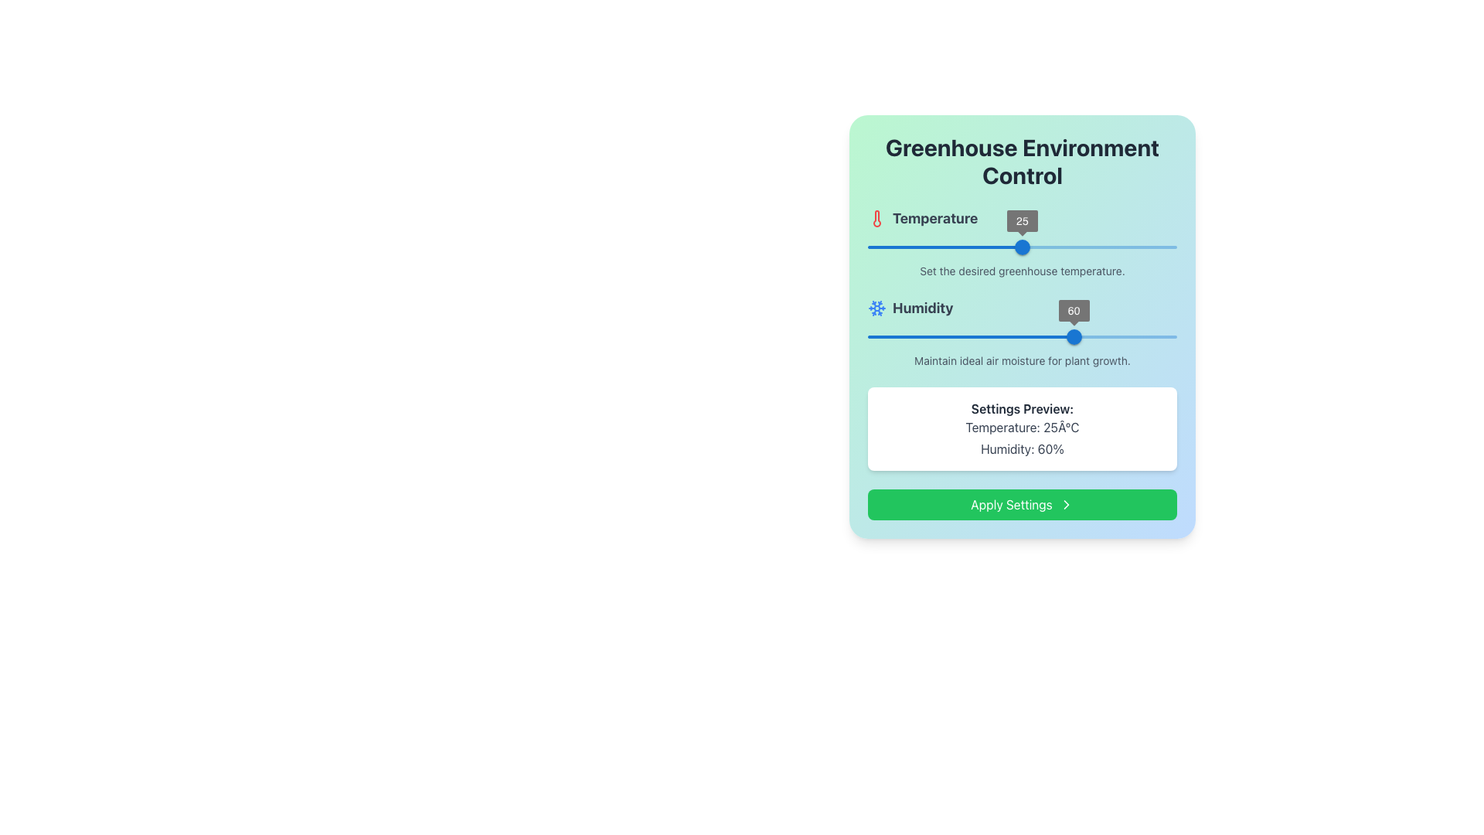  Describe the element at coordinates (1074, 336) in the screenshot. I see `the humidity level` at that location.